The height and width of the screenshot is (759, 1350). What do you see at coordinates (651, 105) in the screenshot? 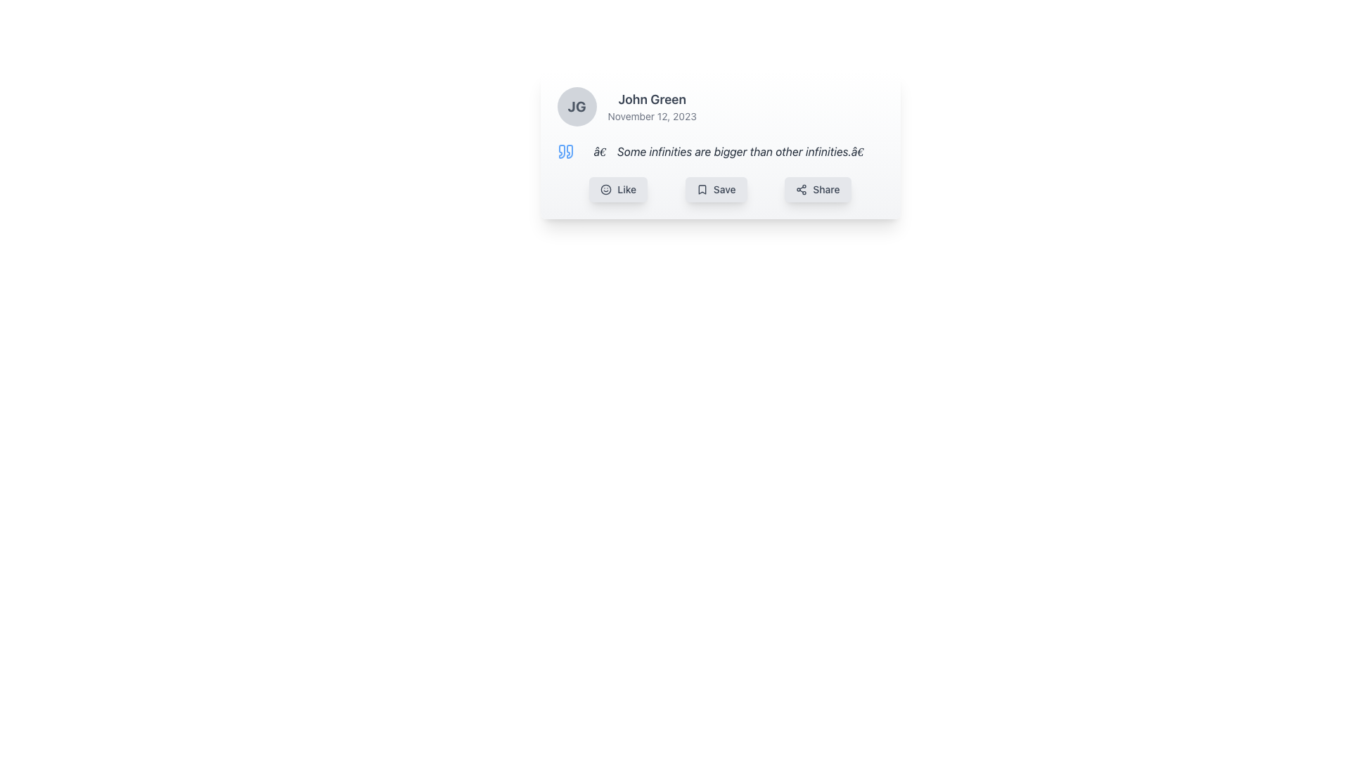
I see `text displayed next to the avatar with initials 'JG' in the upper portion of the card layout` at bounding box center [651, 105].